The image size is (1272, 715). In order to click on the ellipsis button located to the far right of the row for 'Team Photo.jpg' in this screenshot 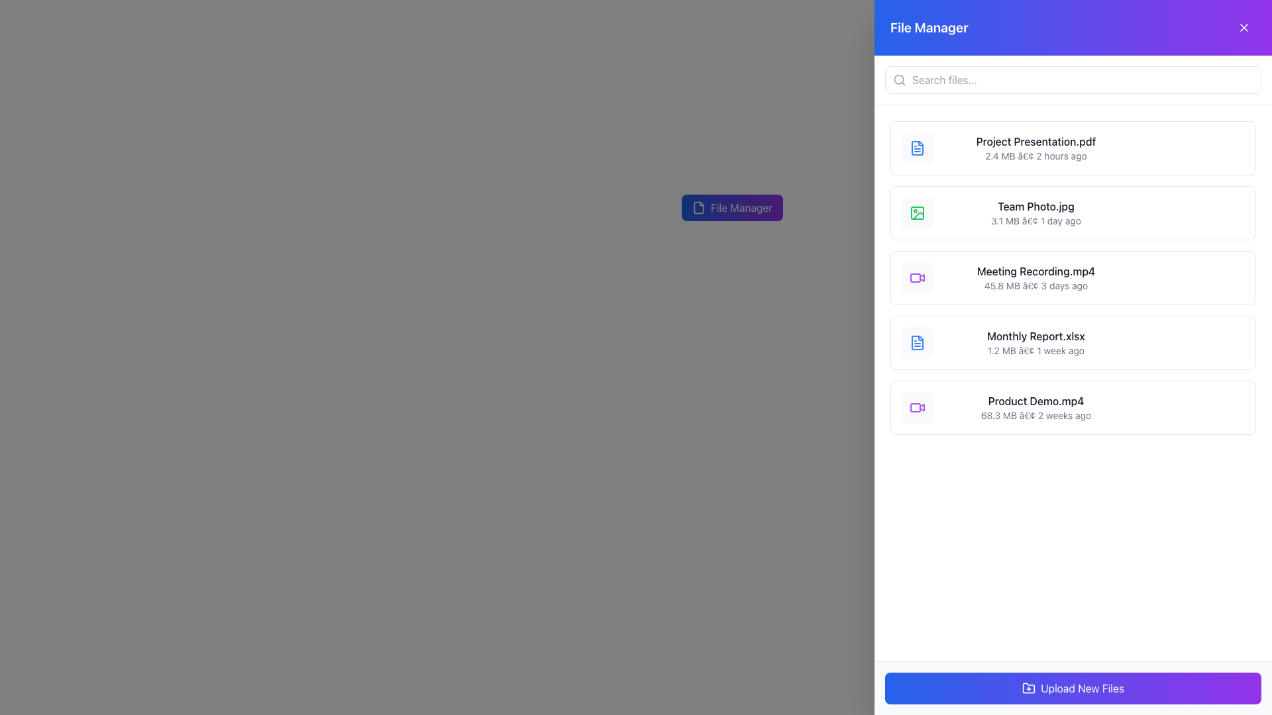, I will do `click(1233, 212)`.